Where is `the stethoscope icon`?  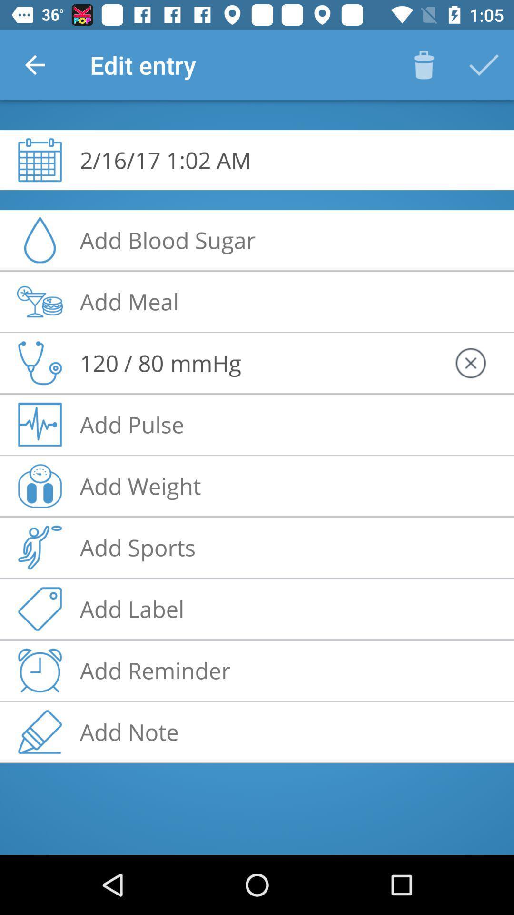
the stethoscope icon is located at coordinates (40, 363).